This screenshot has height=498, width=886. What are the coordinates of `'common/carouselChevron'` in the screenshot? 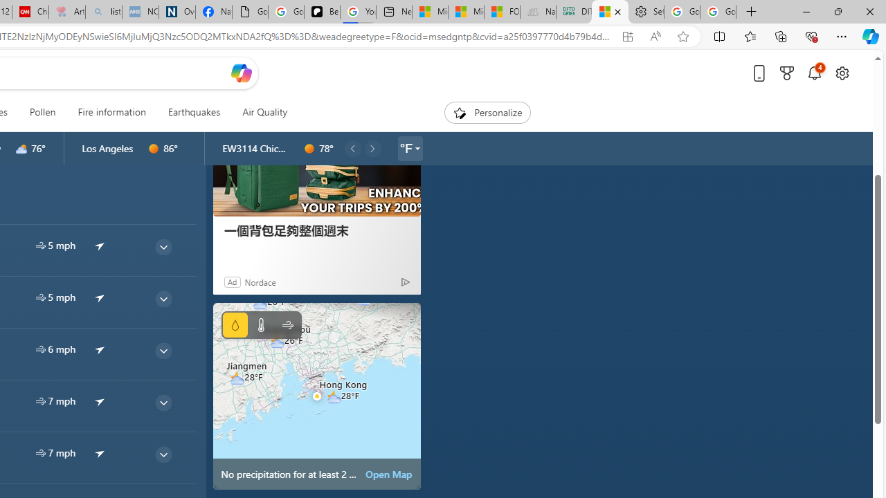 It's located at (372, 148).